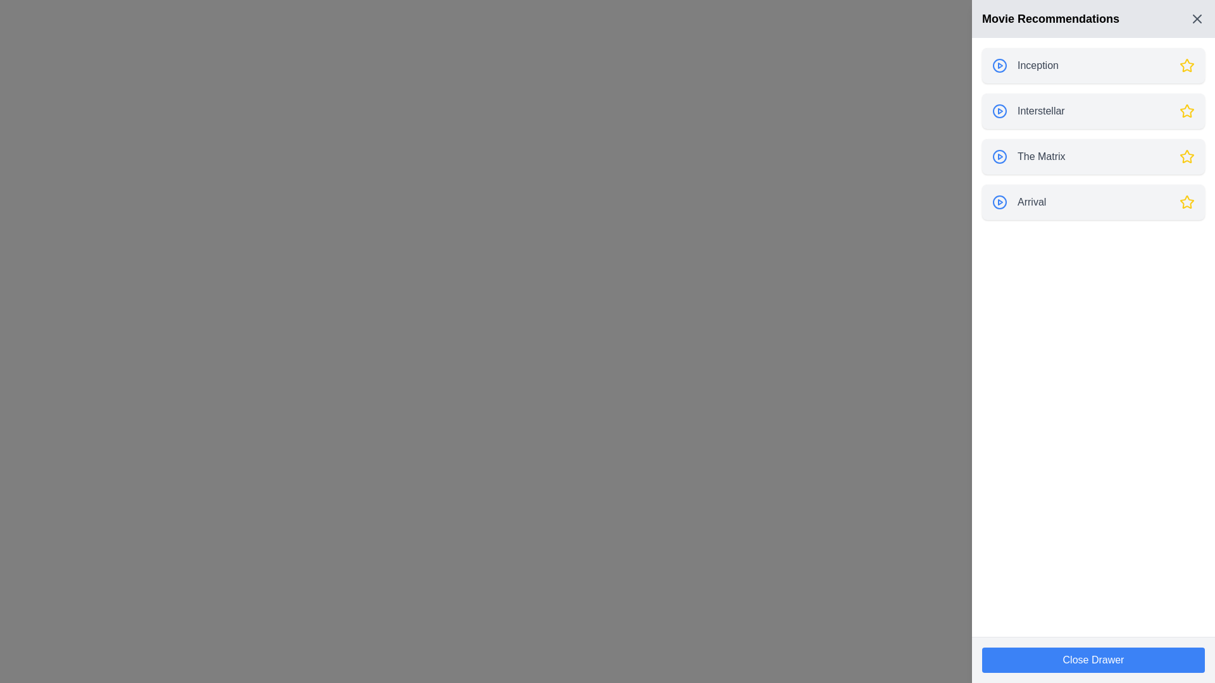 The width and height of the screenshot is (1215, 683). What do you see at coordinates (1093, 660) in the screenshot?
I see `the close drawer button located at the bottom of the section with a light gray background` at bounding box center [1093, 660].